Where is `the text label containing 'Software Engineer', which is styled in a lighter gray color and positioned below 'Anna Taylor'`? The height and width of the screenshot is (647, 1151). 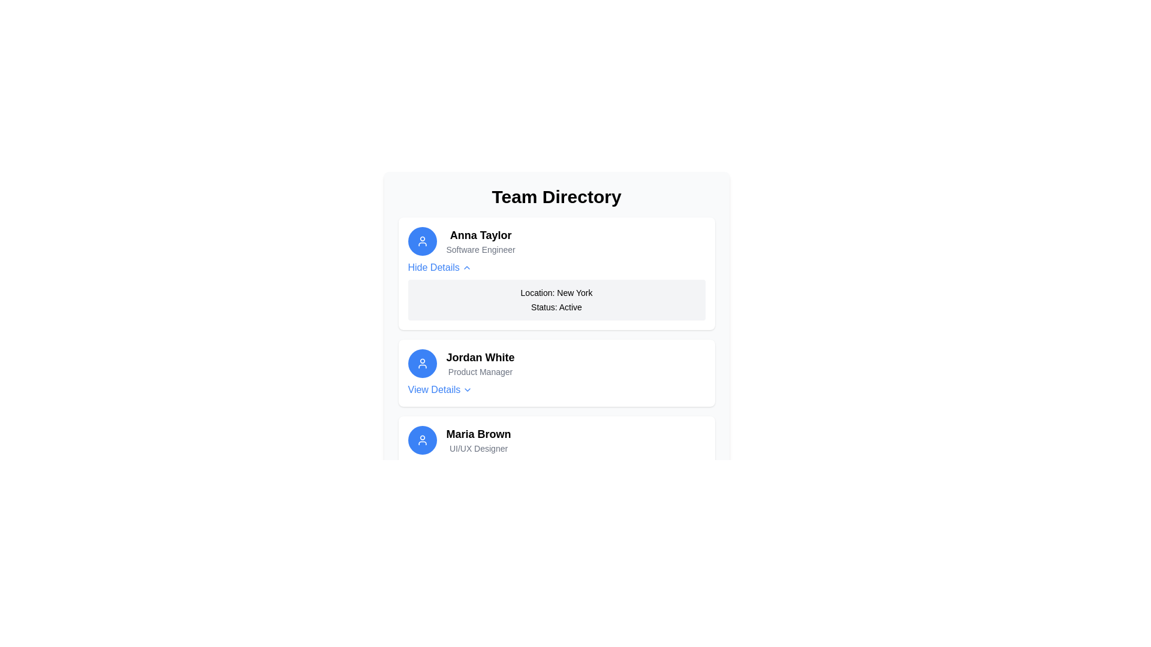 the text label containing 'Software Engineer', which is styled in a lighter gray color and positioned below 'Anna Taylor' is located at coordinates (481, 249).